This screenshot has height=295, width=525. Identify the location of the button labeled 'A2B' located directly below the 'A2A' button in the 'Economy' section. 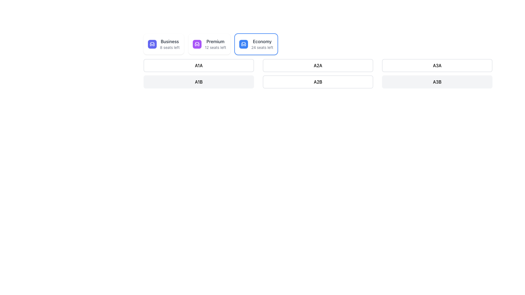
(318, 82).